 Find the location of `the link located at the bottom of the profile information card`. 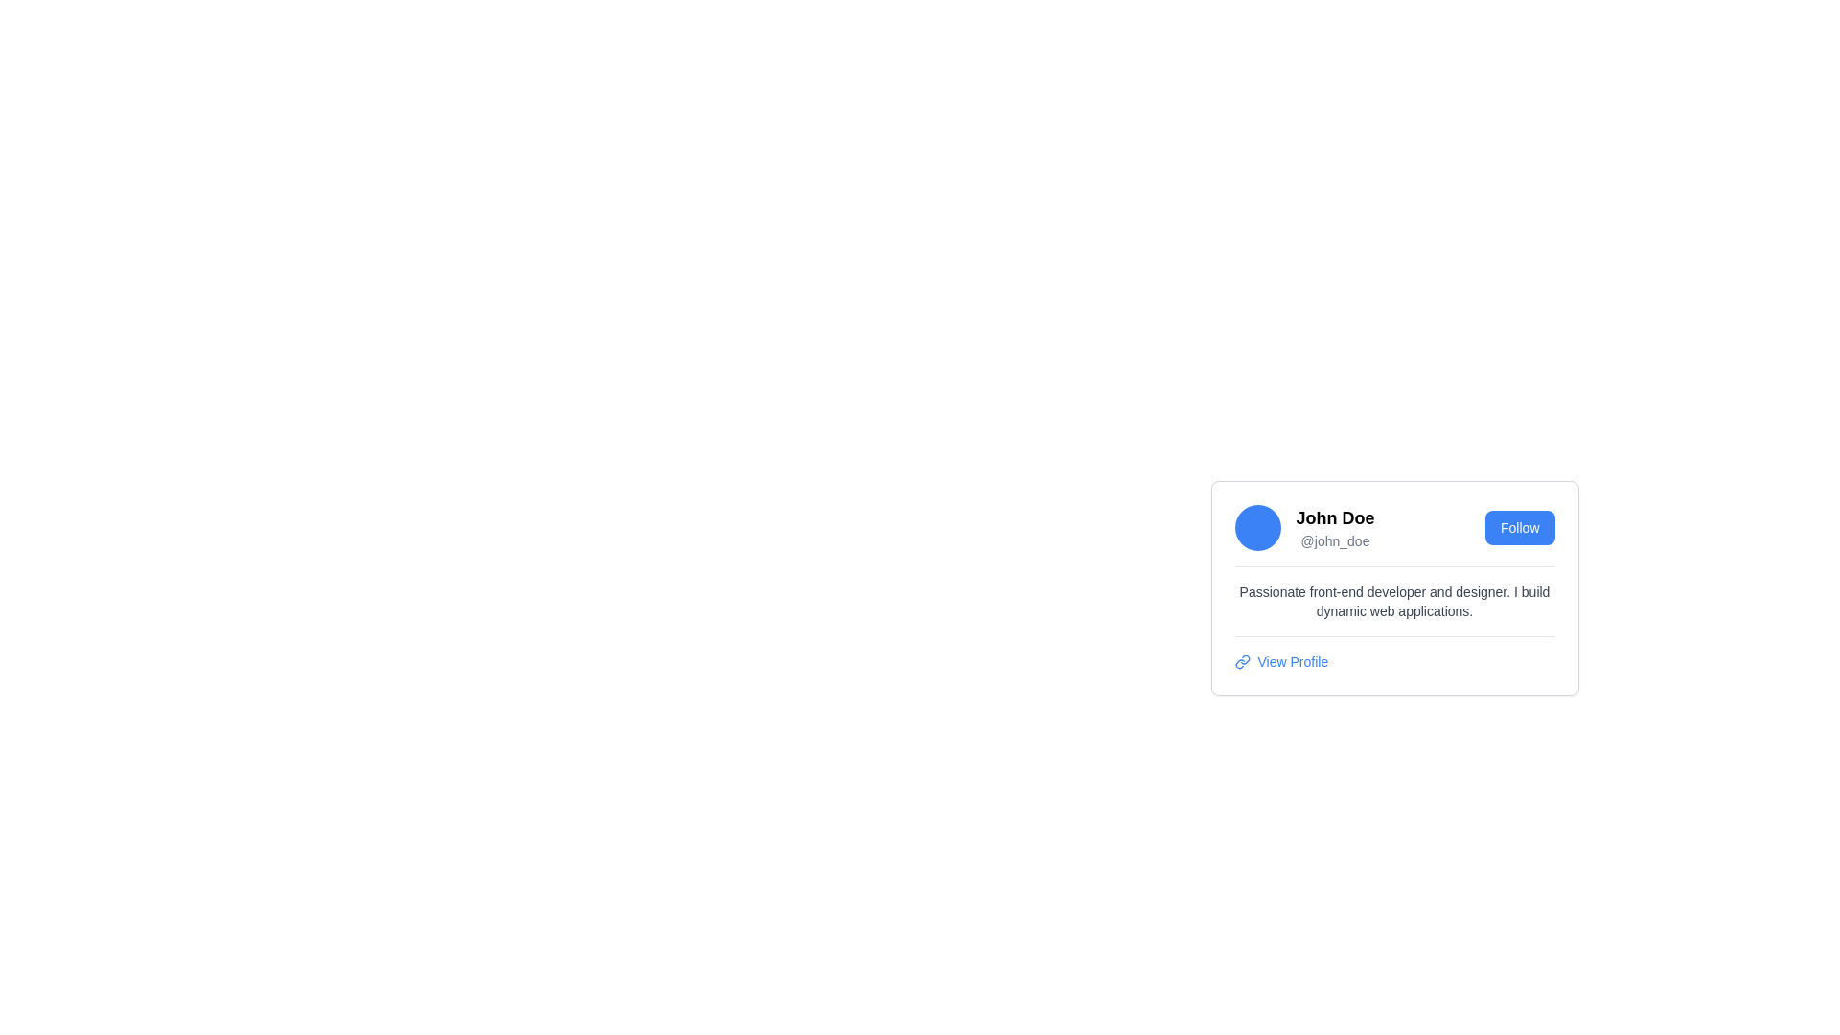

the link located at the bottom of the profile information card is located at coordinates (1394, 660).